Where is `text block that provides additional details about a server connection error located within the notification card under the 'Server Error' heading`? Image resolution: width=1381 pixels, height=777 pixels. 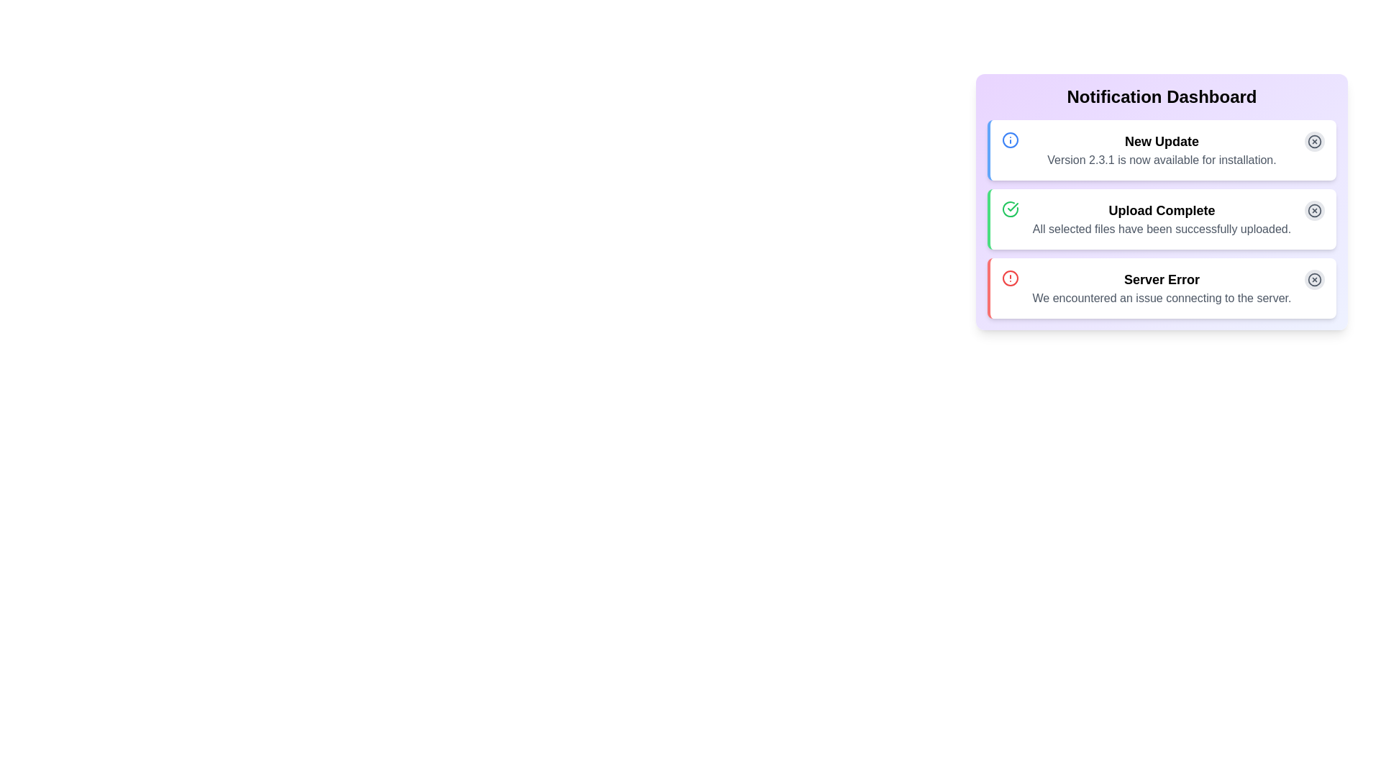
text block that provides additional details about a server connection error located within the notification card under the 'Server Error' heading is located at coordinates (1162, 298).